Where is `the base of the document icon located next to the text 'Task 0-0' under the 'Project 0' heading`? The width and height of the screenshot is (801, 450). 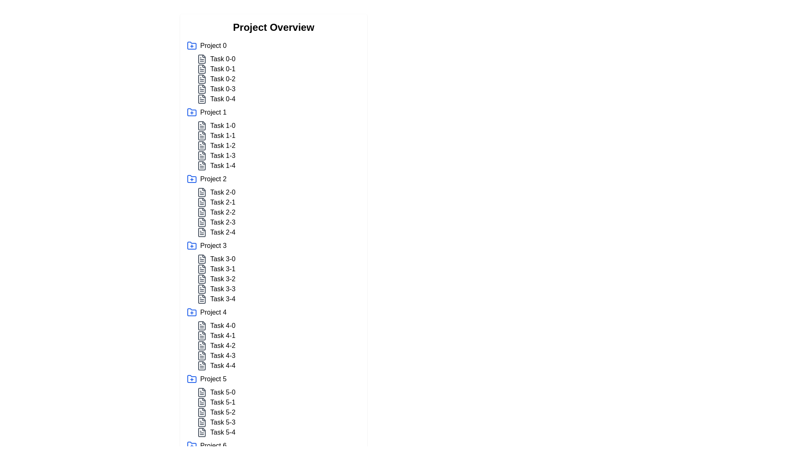 the base of the document icon located next to the text 'Task 0-0' under the 'Project 0' heading is located at coordinates (202, 59).